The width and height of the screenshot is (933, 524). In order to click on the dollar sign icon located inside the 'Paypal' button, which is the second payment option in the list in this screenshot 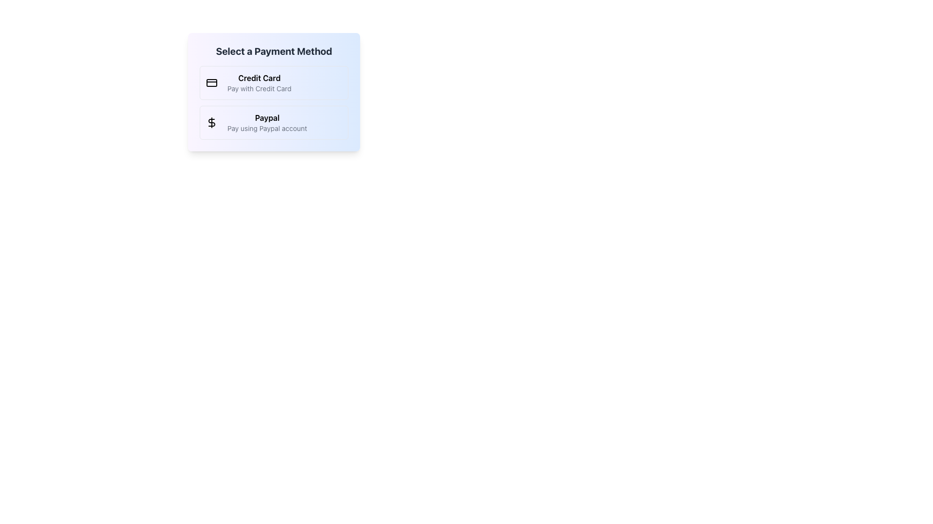, I will do `click(211, 122)`.